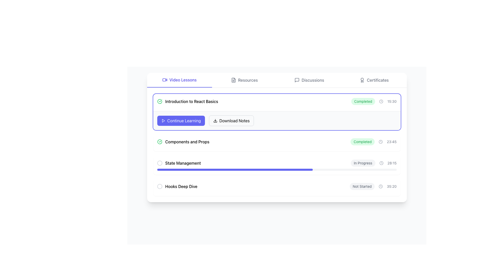 The image size is (487, 274). Describe the element at coordinates (165, 80) in the screenshot. I see `the 'Video Lessons' icon located to the left of the 'Video Lessons' text in the tab section` at that location.